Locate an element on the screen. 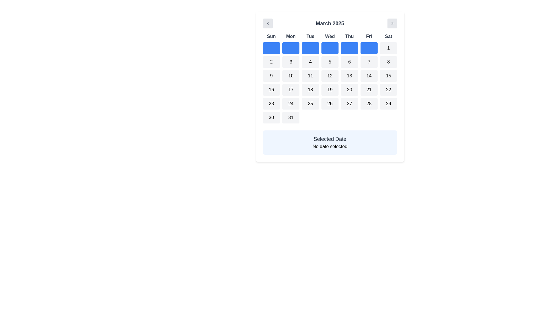 Image resolution: width=556 pixels, height=313 pixels. the calendar date button for March 9, 2025, located in the third row and first column under the 'Sun' label is located at coordinates (271, 76).